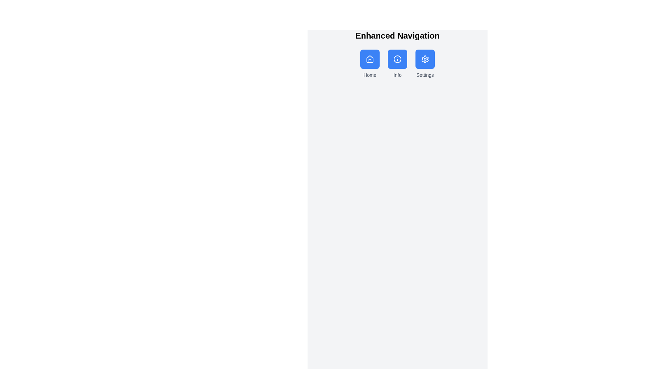  Describe the element at coordinates (397, 59) in the screenshot. I see `the SVG circle element centered in the 'Info' button, which is part of the navigation panel at the top of the interface` at that location.